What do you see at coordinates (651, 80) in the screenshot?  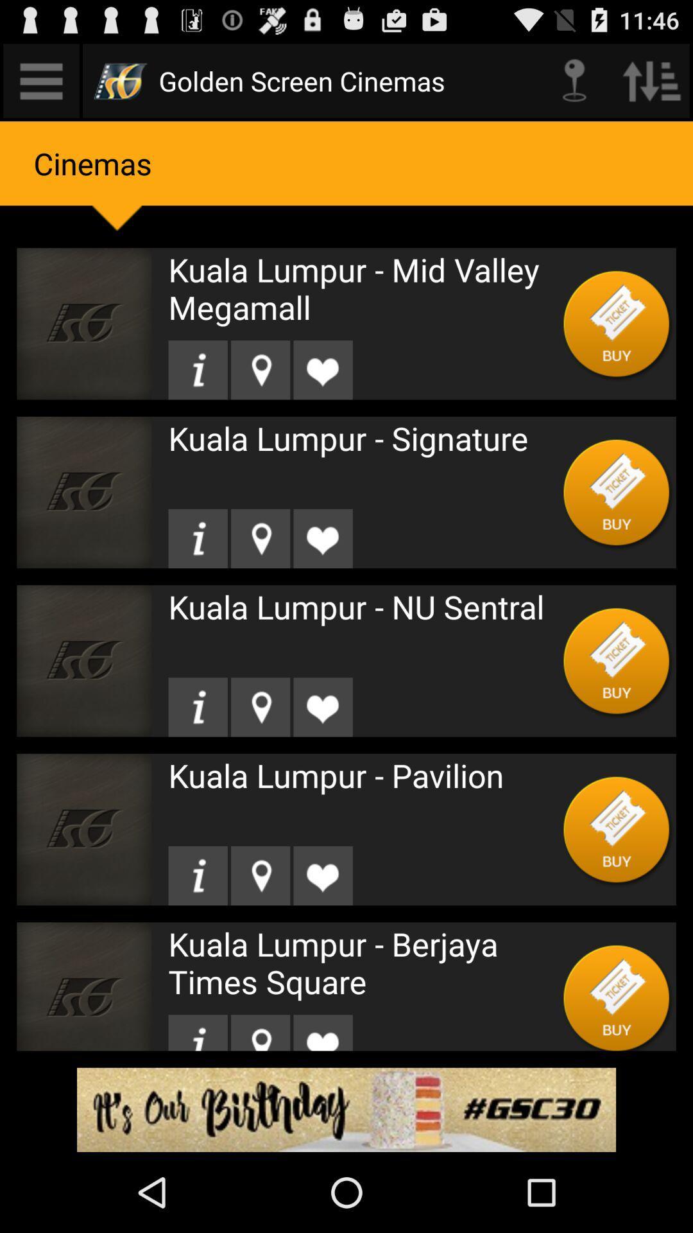 I see `previous` at bounding box center [651, 80].